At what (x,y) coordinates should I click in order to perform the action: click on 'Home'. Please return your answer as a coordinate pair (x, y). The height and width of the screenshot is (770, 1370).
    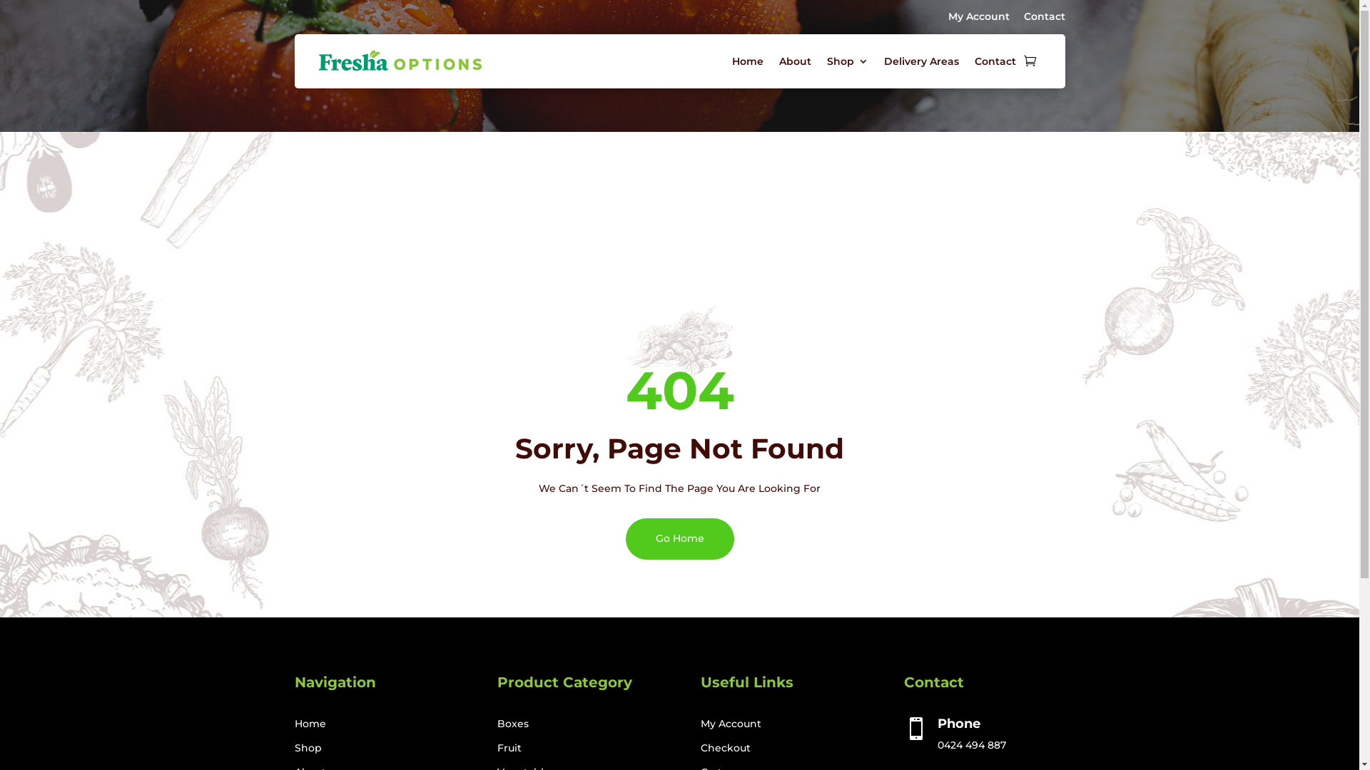
    Looking at the image, I should click on (746, 60).